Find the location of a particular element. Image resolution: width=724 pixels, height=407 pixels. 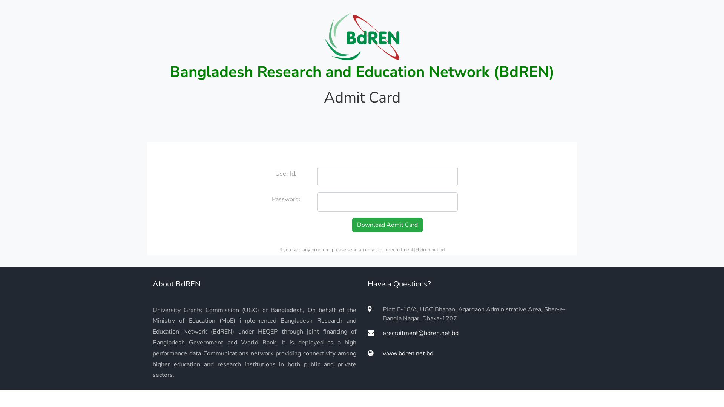

'Download Admit Card' is located at coordinates (387, 225).